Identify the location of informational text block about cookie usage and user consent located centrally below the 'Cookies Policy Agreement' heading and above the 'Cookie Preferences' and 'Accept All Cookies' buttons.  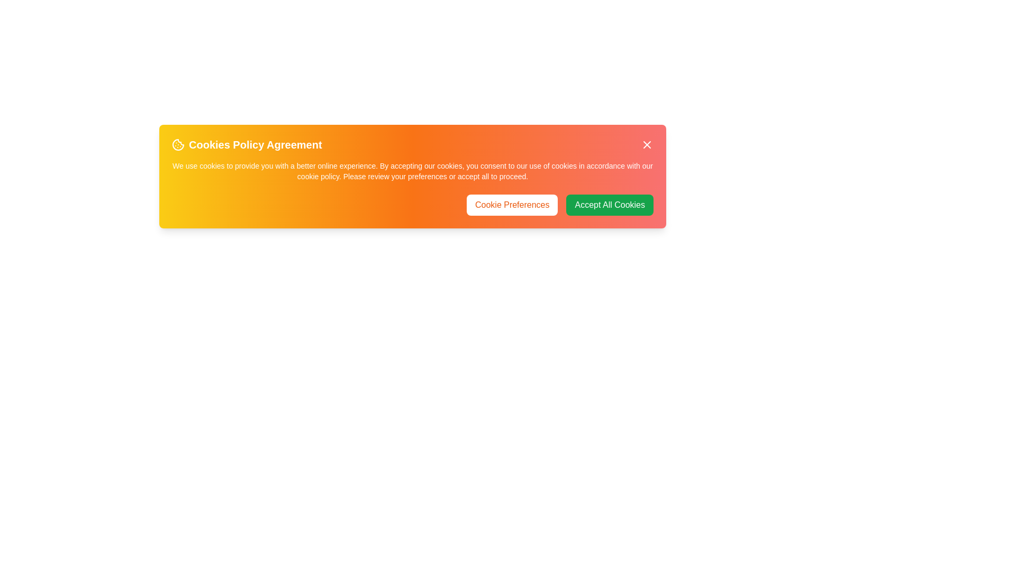
(412, 171).